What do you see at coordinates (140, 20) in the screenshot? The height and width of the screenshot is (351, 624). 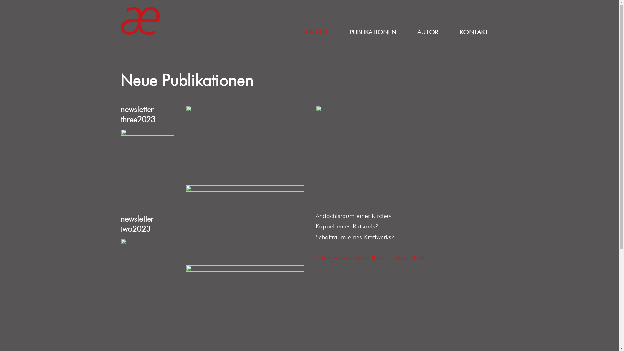 I see `'Argos Edition'` at bounding box center [140, 20].